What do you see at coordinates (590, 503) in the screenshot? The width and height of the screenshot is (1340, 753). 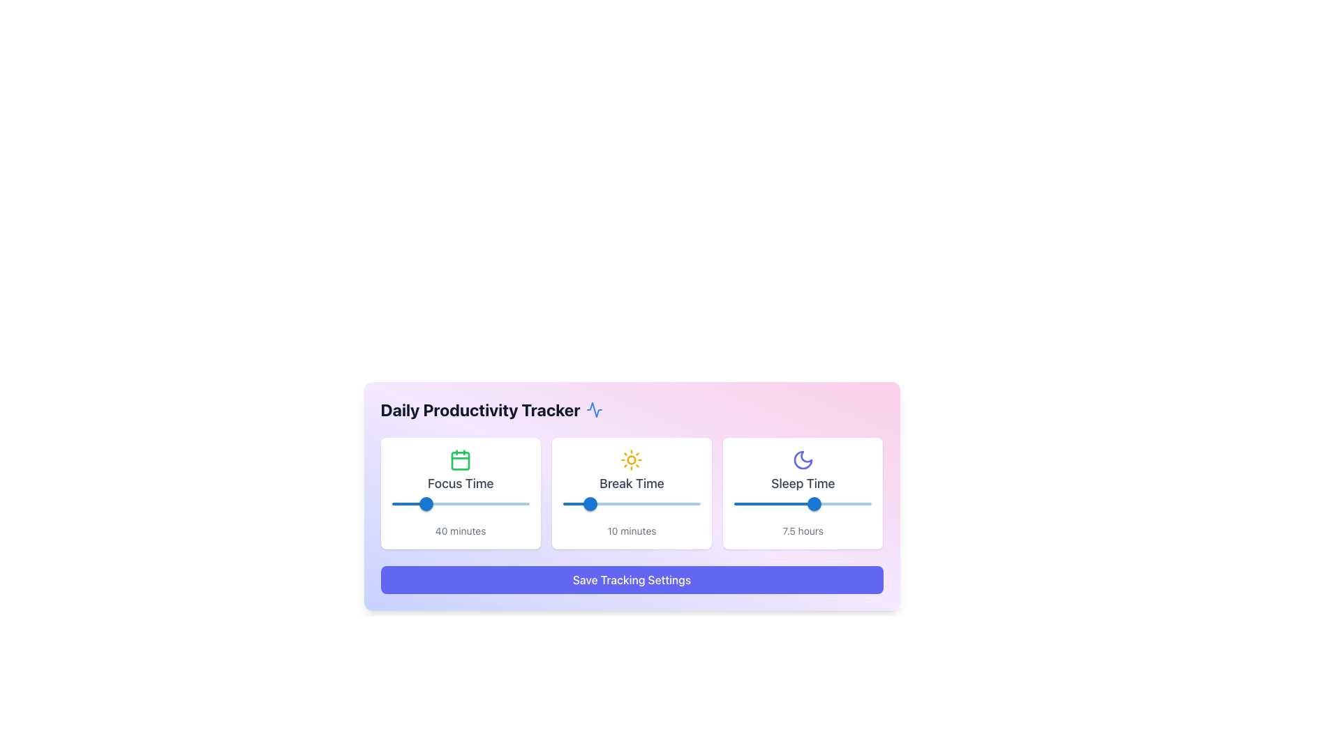 I see `the blue circular slider thumb with white highlights that displays the value '10' in the 'Break Time' section of the 'Daily Productivity Tracker' interface` at bounding box center [590, 503].